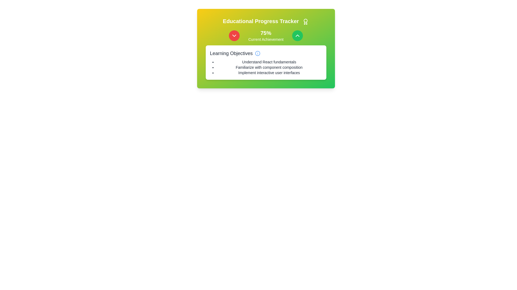 This screenshot has width=517, height=290. What do you see at coordinates (269, 67) in the screenshot?
I see `the Text Label that contains the text 'Familiarize with component composition', positioned below the heading 'Learning Objectives' in the bulleted list` at bounding box center [269, 67].